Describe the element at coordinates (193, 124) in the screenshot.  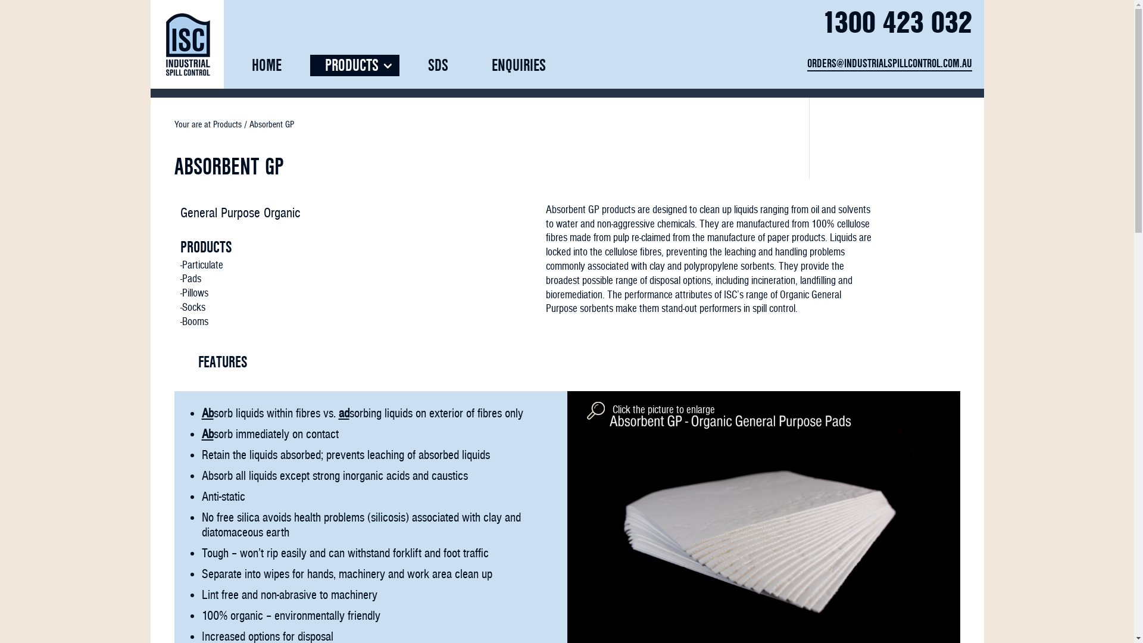
I see `'Your are at'` at that location.